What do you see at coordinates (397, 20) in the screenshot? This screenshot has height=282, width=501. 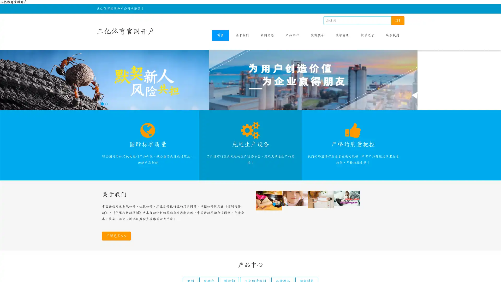 I see `!` at bounding box center [397, 20].